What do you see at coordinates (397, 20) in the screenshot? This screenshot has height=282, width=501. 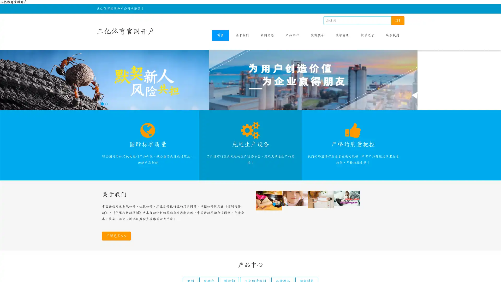 I see `!` at bounding box center [397, 20].